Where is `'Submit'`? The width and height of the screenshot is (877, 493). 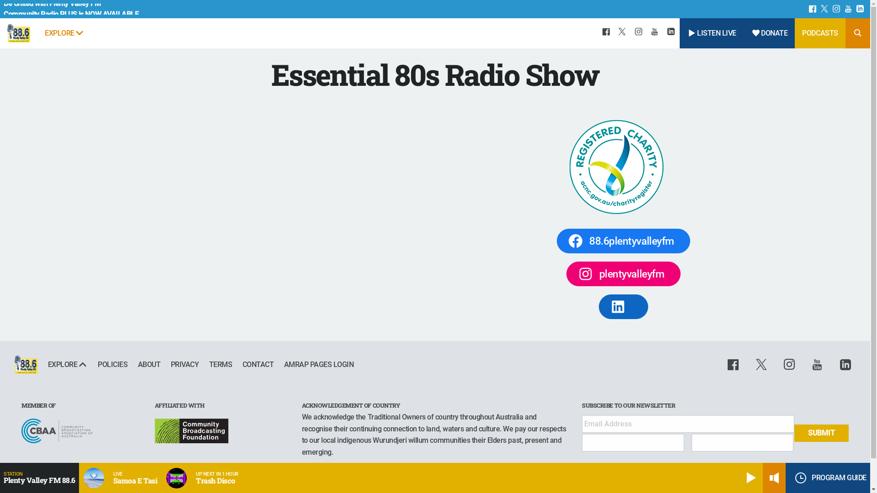 'Submit' is located at coordinates (821, 432).